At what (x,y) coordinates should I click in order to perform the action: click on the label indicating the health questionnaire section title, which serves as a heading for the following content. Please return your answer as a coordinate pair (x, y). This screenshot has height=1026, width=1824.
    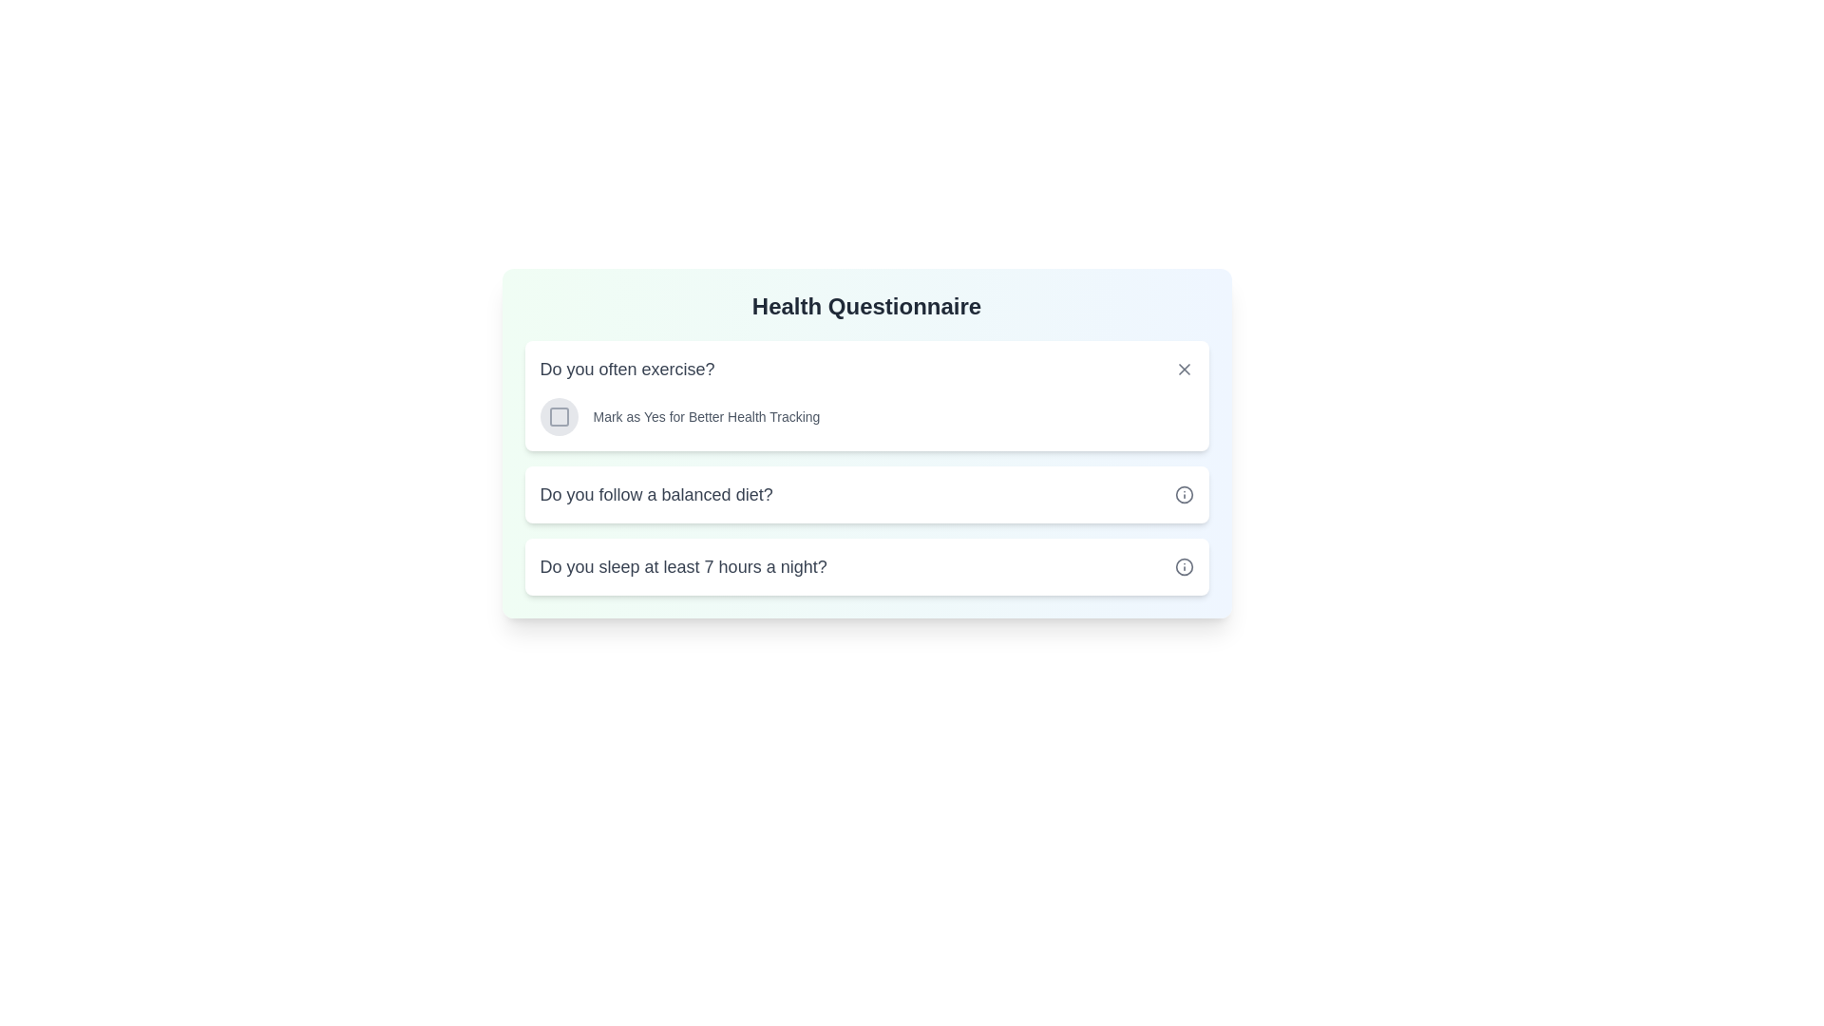
    Looking at the image, I should click on (865, 306).